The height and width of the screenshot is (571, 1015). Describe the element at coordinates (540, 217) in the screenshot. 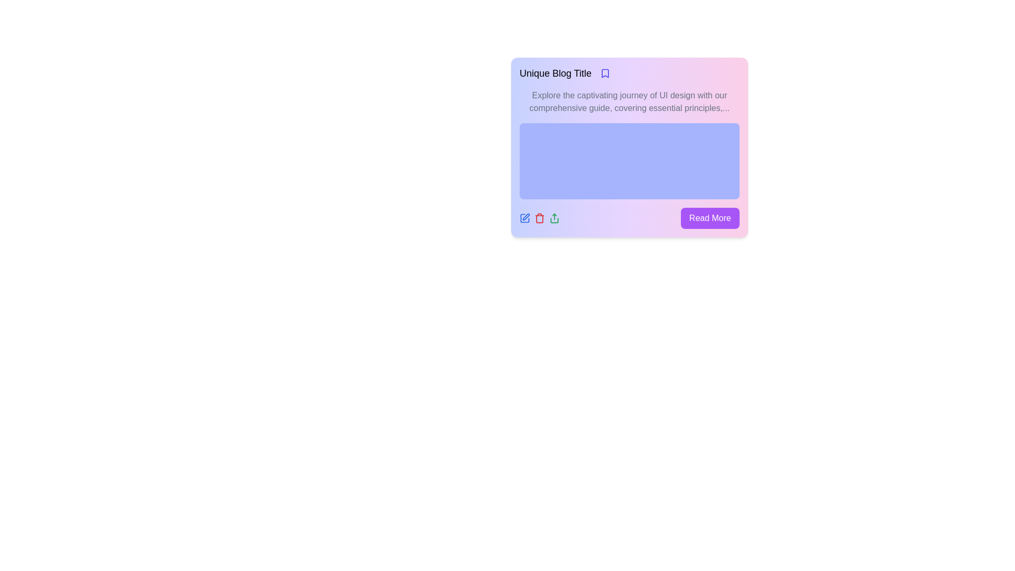

I see `the red trashcan icon located at the bottom-left section of the card's footer` at that location.